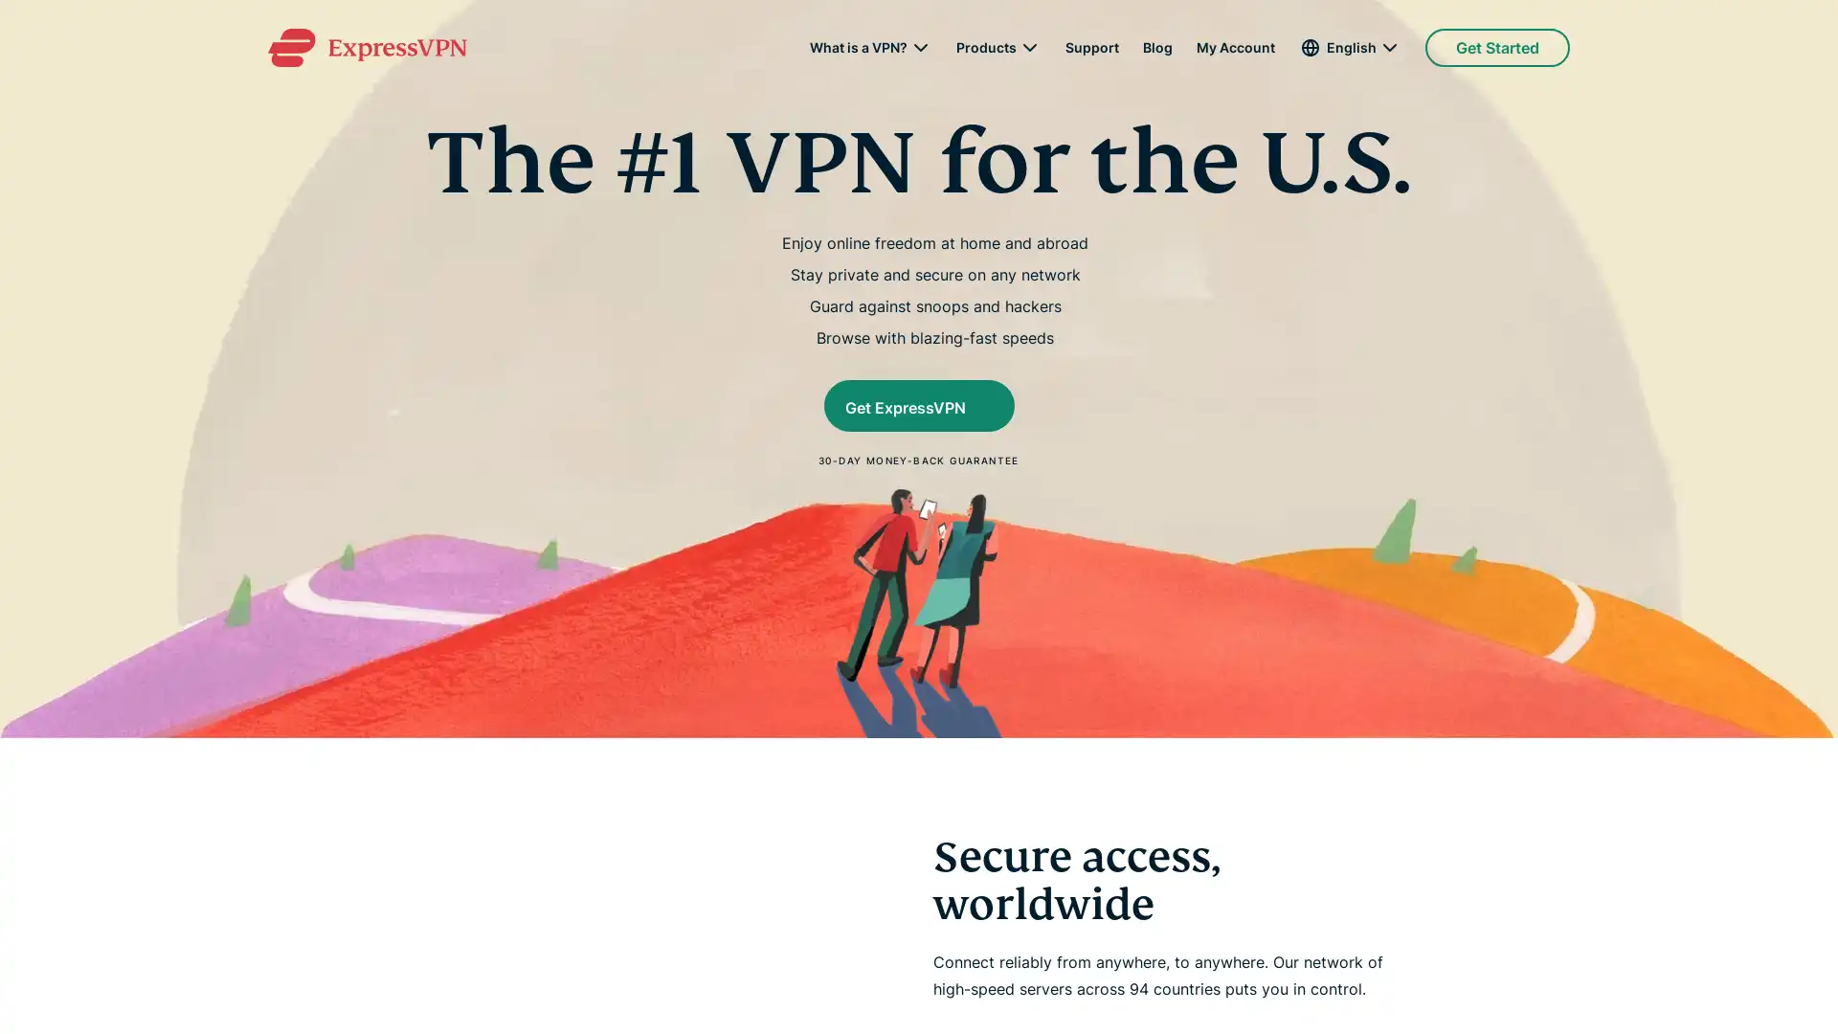  What do you see at coordinates (1349, 47) in the screenshot?
I see `Language` at bounding box center [1349, 47].